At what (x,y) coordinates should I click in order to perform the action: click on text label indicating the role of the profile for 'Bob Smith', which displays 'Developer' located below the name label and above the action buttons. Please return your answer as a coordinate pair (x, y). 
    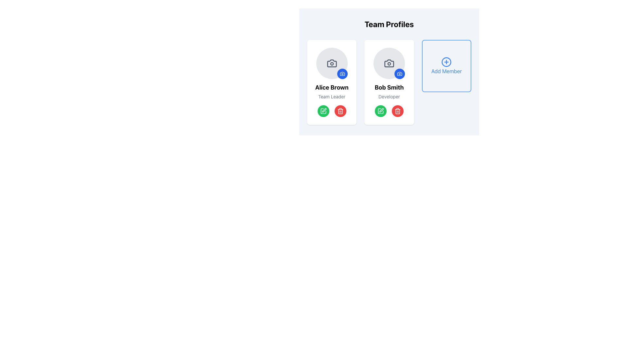
    Looking at the image, I should click on (389, 97).